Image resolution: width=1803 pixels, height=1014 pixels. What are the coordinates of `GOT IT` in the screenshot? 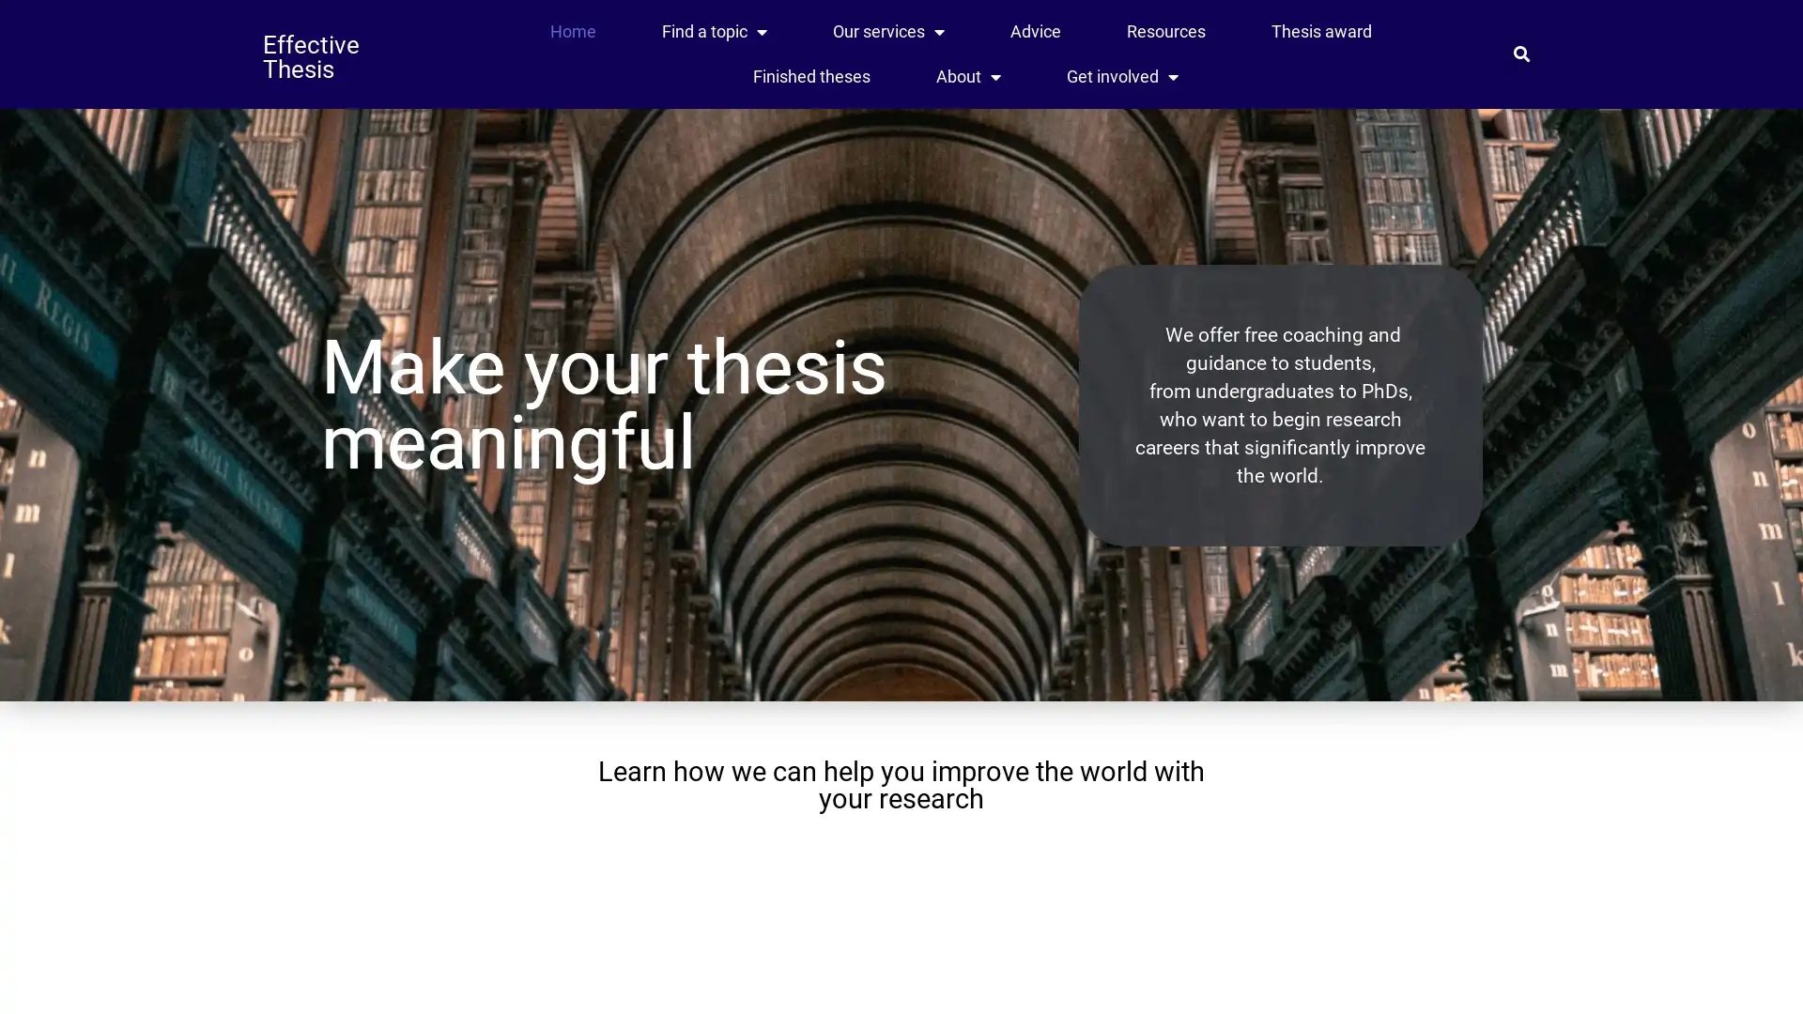 It's located at (1361, 985).